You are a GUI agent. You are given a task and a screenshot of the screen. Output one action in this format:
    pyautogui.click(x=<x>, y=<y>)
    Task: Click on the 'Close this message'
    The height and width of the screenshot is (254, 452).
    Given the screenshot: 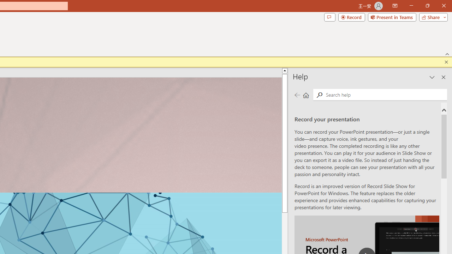 What is the action you would take?
    pyautogui.click(x=446, y=62)
    